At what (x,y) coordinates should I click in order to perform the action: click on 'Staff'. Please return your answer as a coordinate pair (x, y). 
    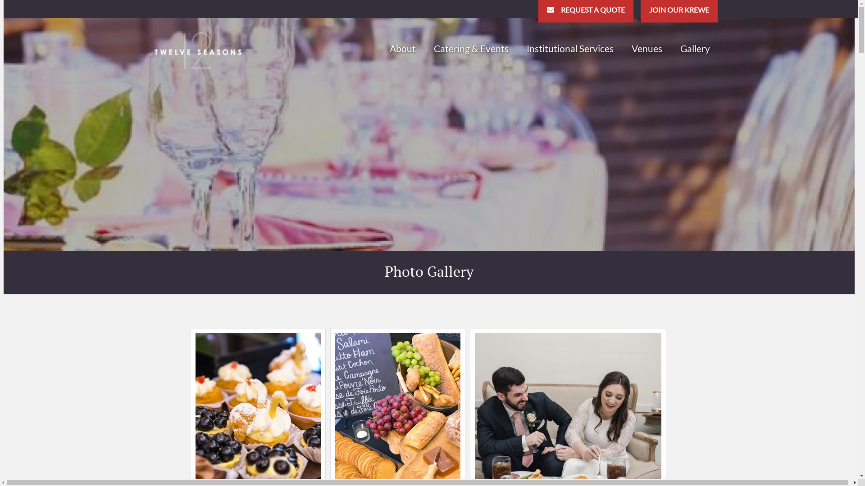
    Looking at the image, I should click on (415, 65).